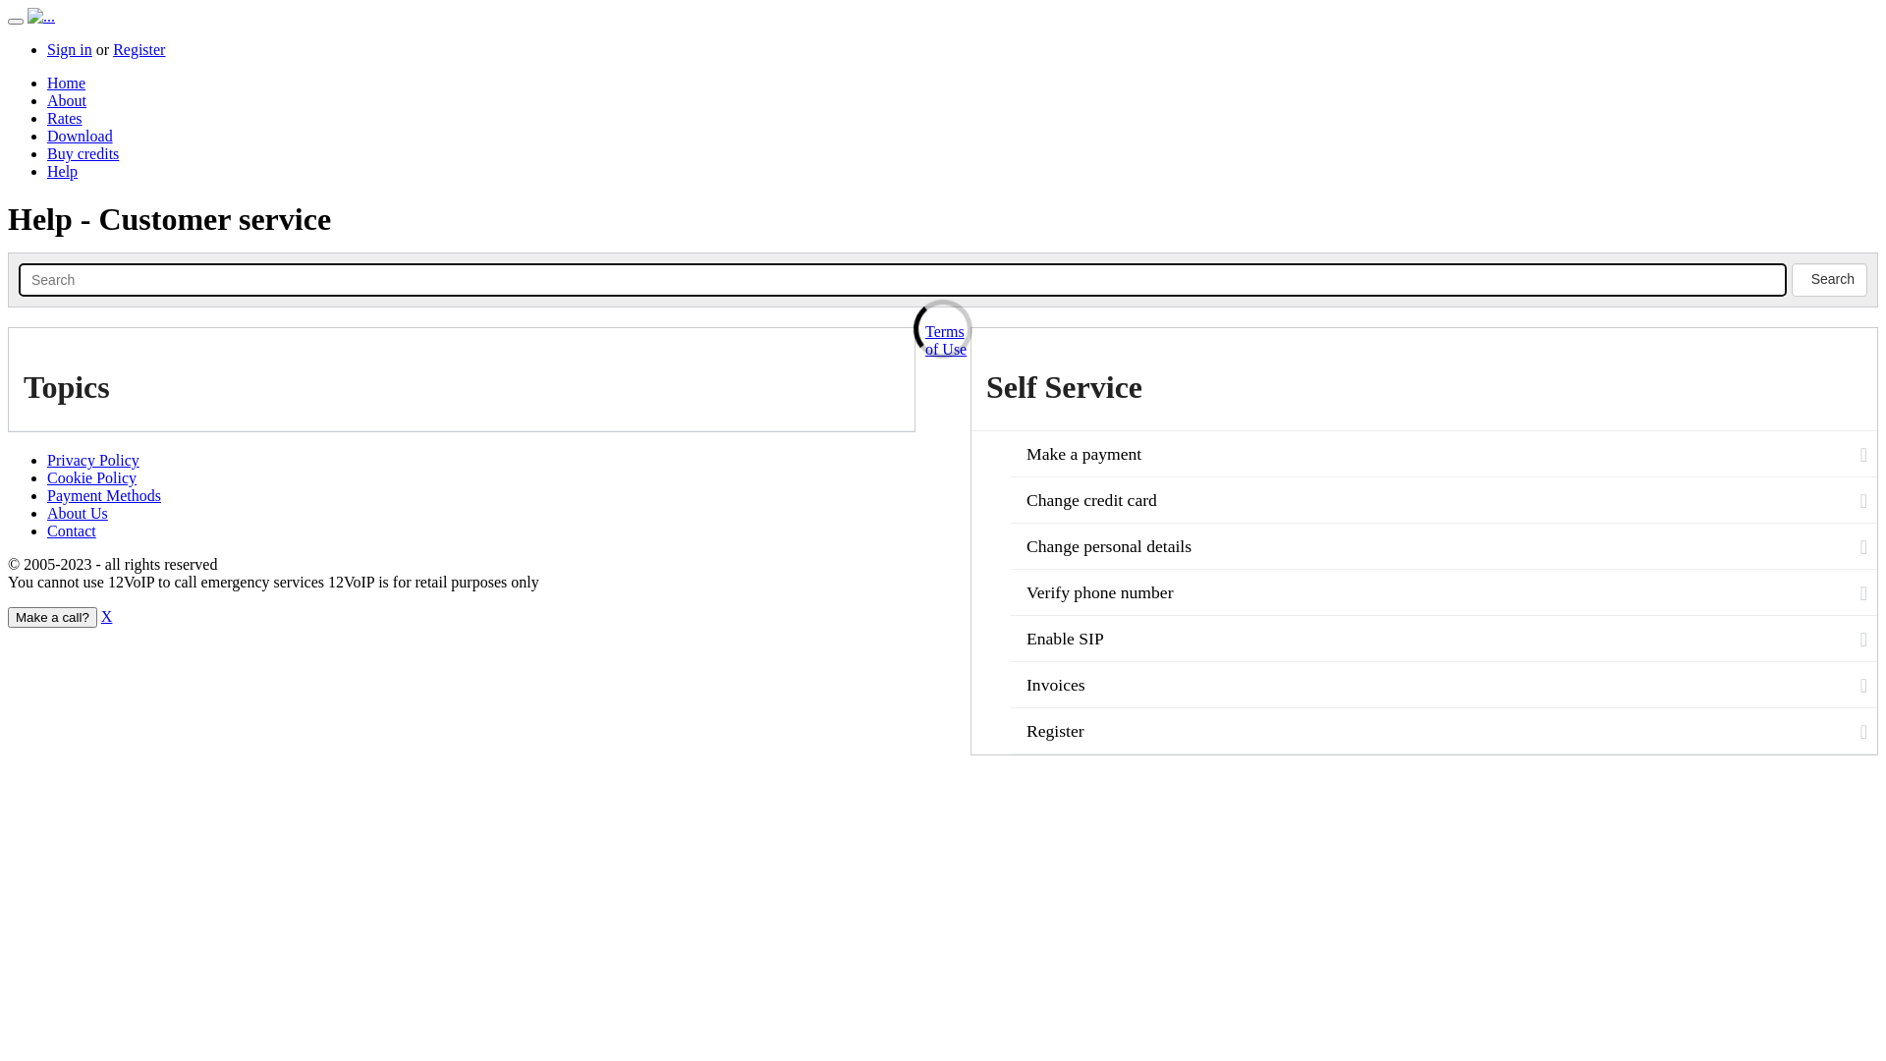  Describe the element at coordinates (90, 477) in the screenshot. I see `'Cookie Policy'` at that location.